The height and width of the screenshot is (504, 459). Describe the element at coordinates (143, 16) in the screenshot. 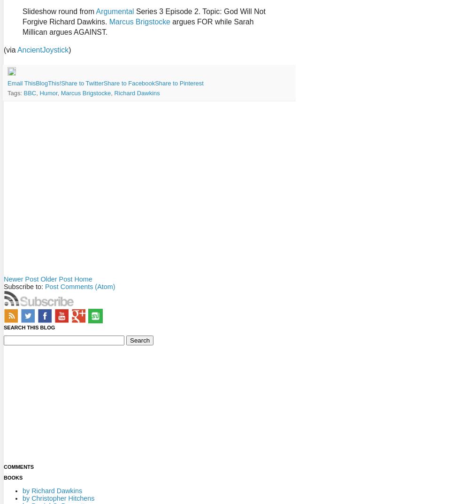

I see `'Series 3 Episode 2. Topic: God Will Not Forgive Richard Dawkins.'` at that location.